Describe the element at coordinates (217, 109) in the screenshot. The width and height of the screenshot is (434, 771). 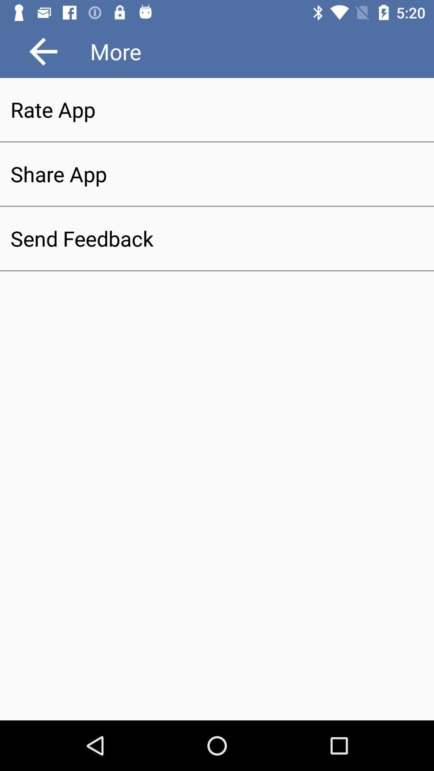
I see `the rate app item` at that location.